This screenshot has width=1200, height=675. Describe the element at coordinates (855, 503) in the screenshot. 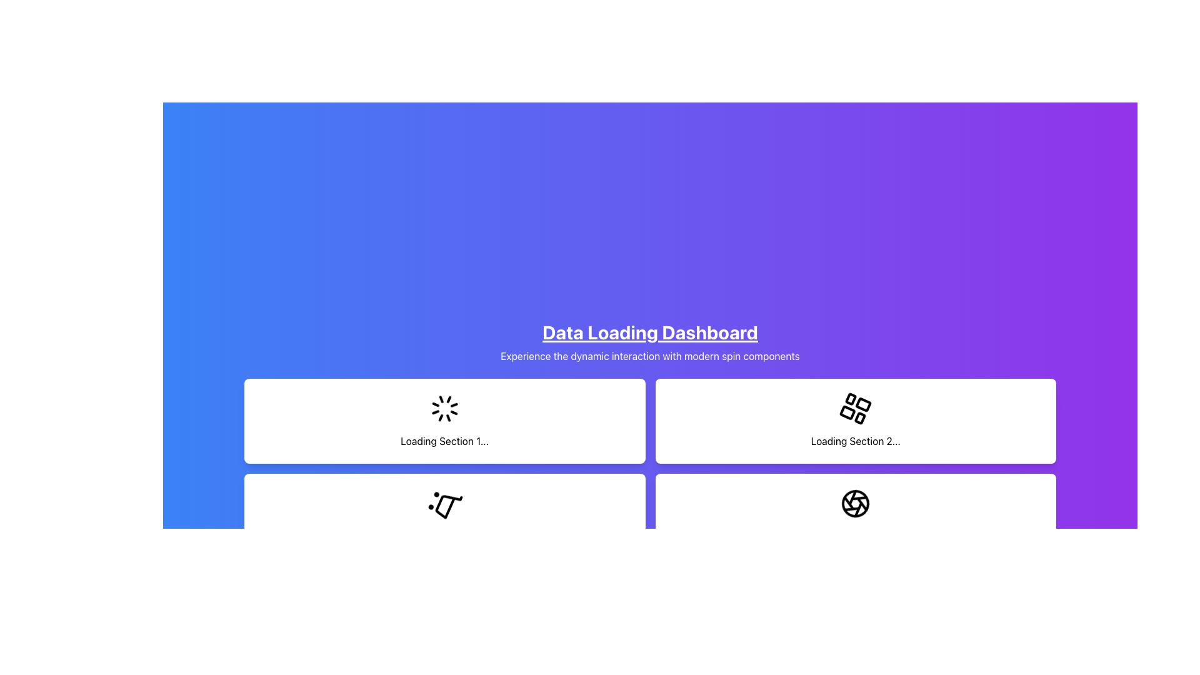

I see `the status indicator icon located above the text 'Loading Section 4...' in the bottom right section of the dashboard interface` at that location.